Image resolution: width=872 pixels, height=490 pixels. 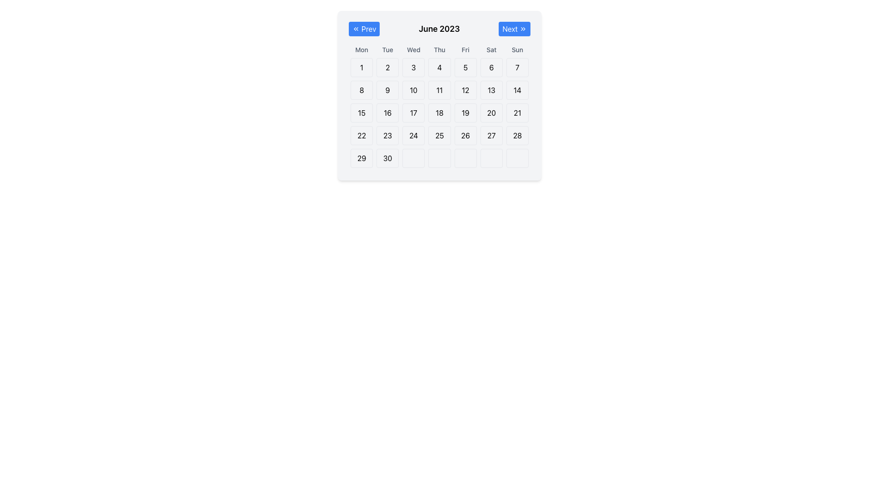 What do you see at coordinates (466, 113) in the screenshot?
I see `the square-shaped button labeled '19' with a light gray background and rounded corners` at bounding box center [466, 113].